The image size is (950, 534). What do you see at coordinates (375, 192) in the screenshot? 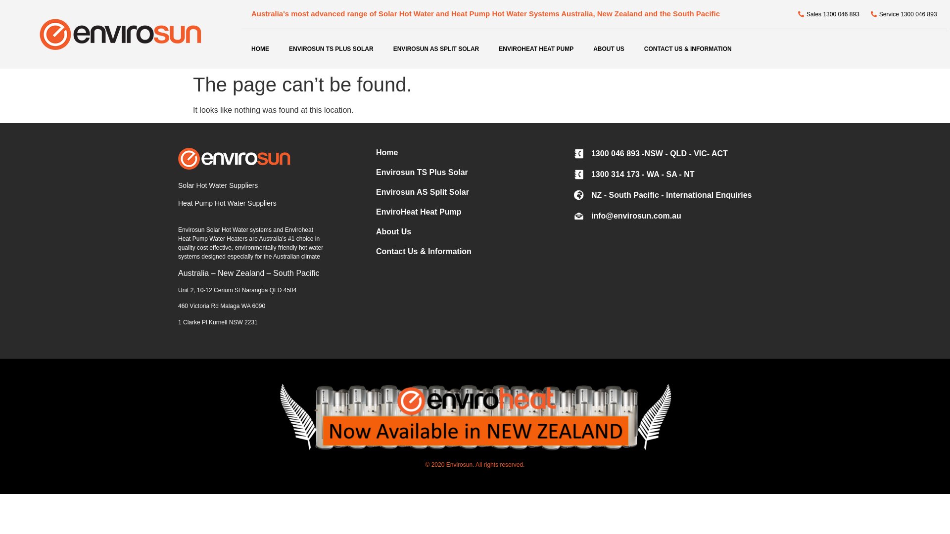
I see `'Envirosun AS Split Solar'` at bounding box center [375, 192].